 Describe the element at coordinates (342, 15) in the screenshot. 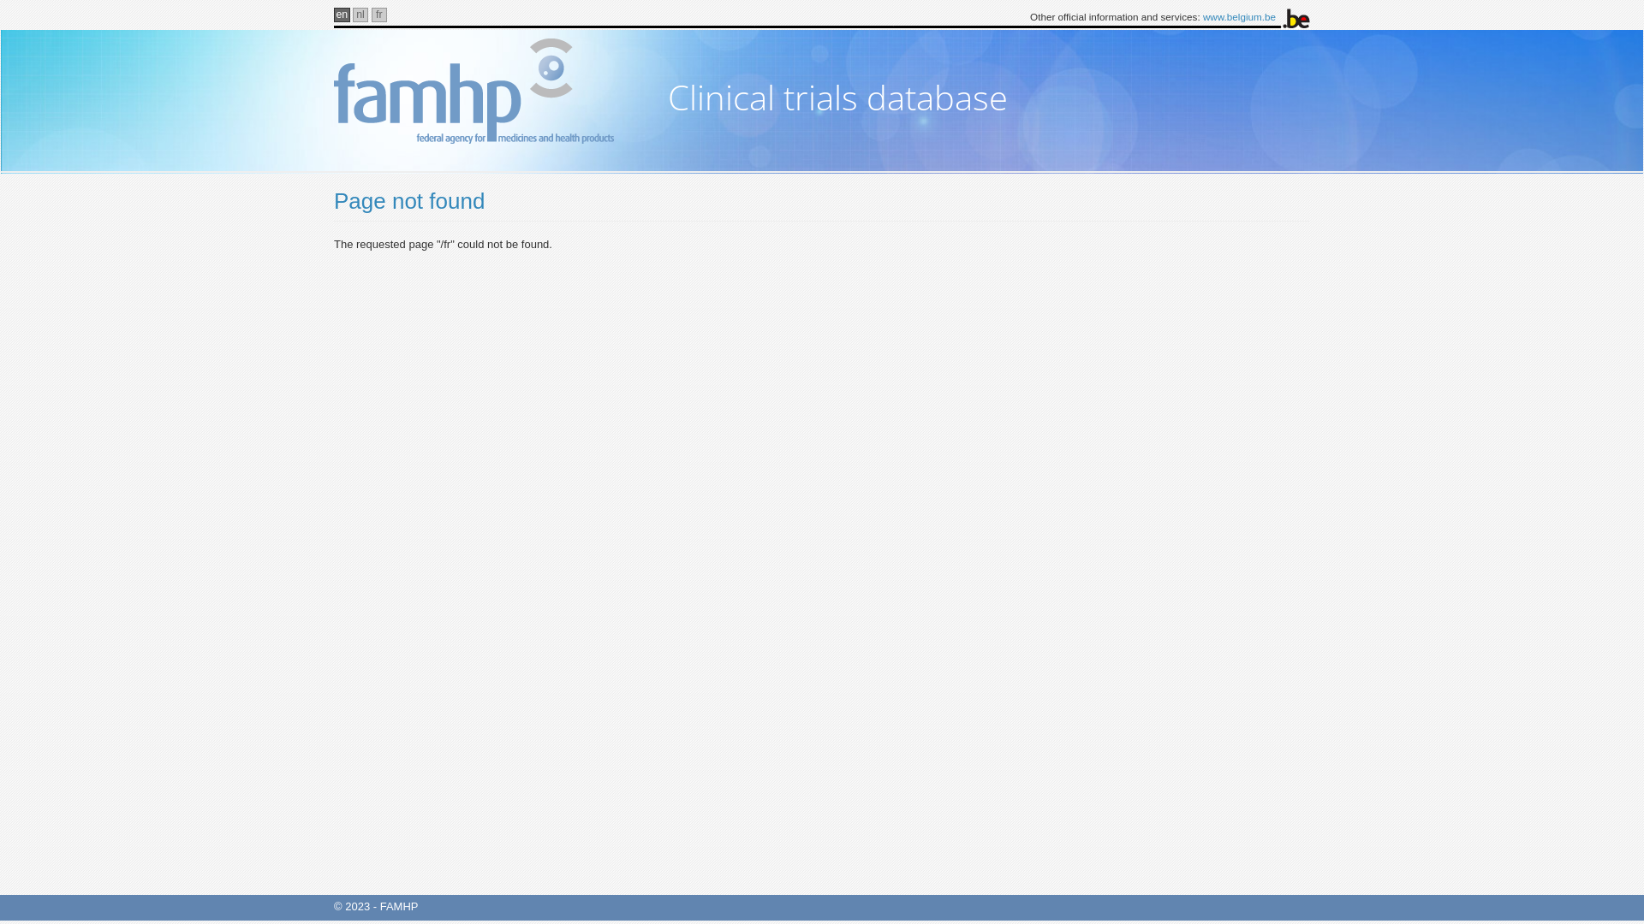

I see `'en'` at that location.